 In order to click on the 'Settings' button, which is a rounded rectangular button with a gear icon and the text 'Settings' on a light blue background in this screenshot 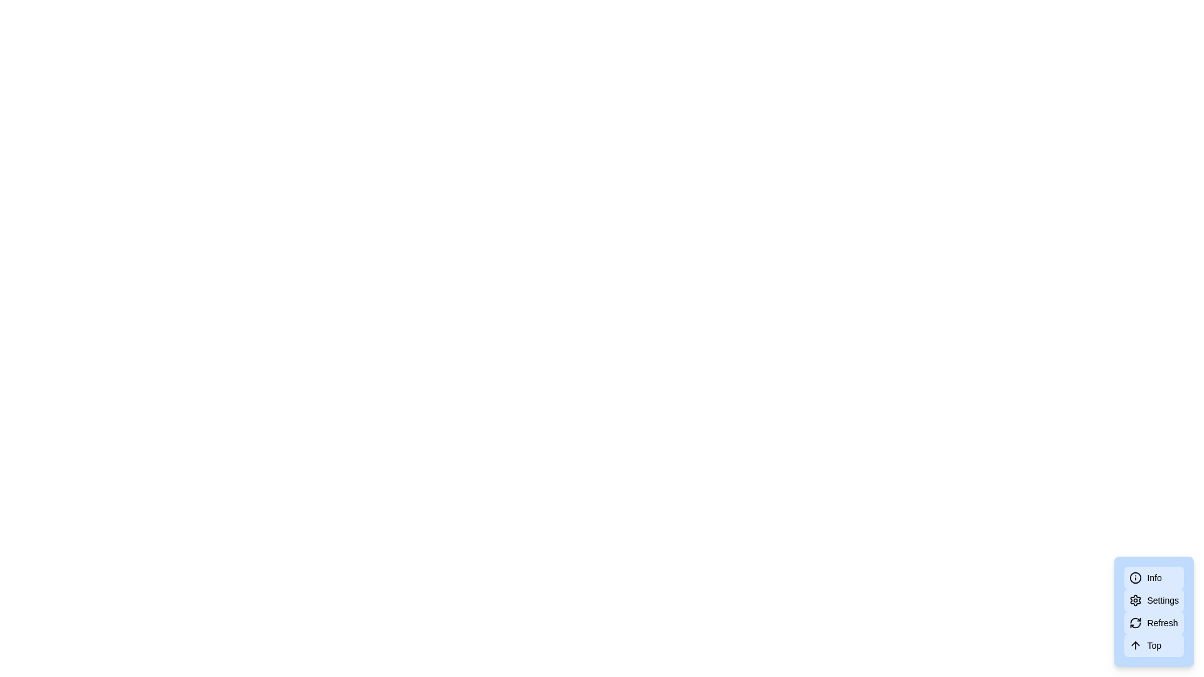, I will do `click(1154, 599)`.